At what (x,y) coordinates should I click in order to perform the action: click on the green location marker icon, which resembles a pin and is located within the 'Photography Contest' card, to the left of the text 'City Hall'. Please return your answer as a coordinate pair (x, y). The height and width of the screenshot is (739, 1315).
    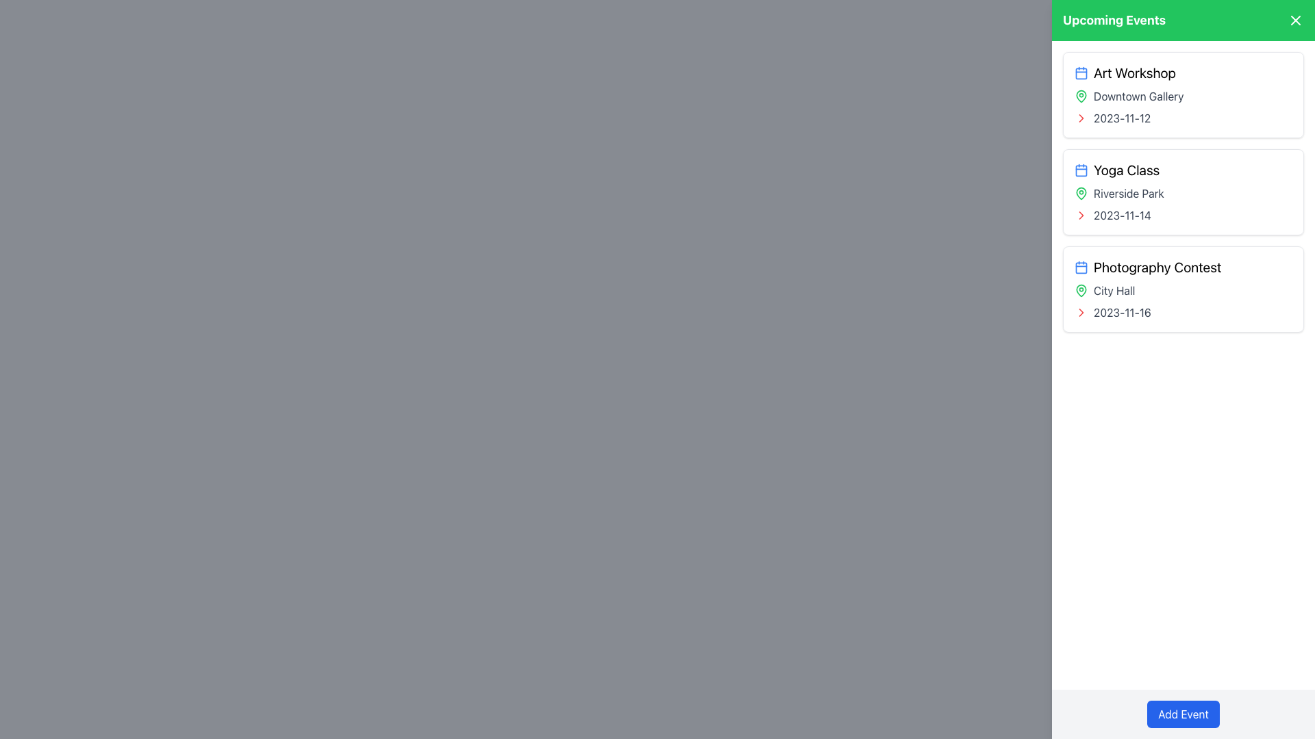
    Looking at the image, I should click on (1081, 289).